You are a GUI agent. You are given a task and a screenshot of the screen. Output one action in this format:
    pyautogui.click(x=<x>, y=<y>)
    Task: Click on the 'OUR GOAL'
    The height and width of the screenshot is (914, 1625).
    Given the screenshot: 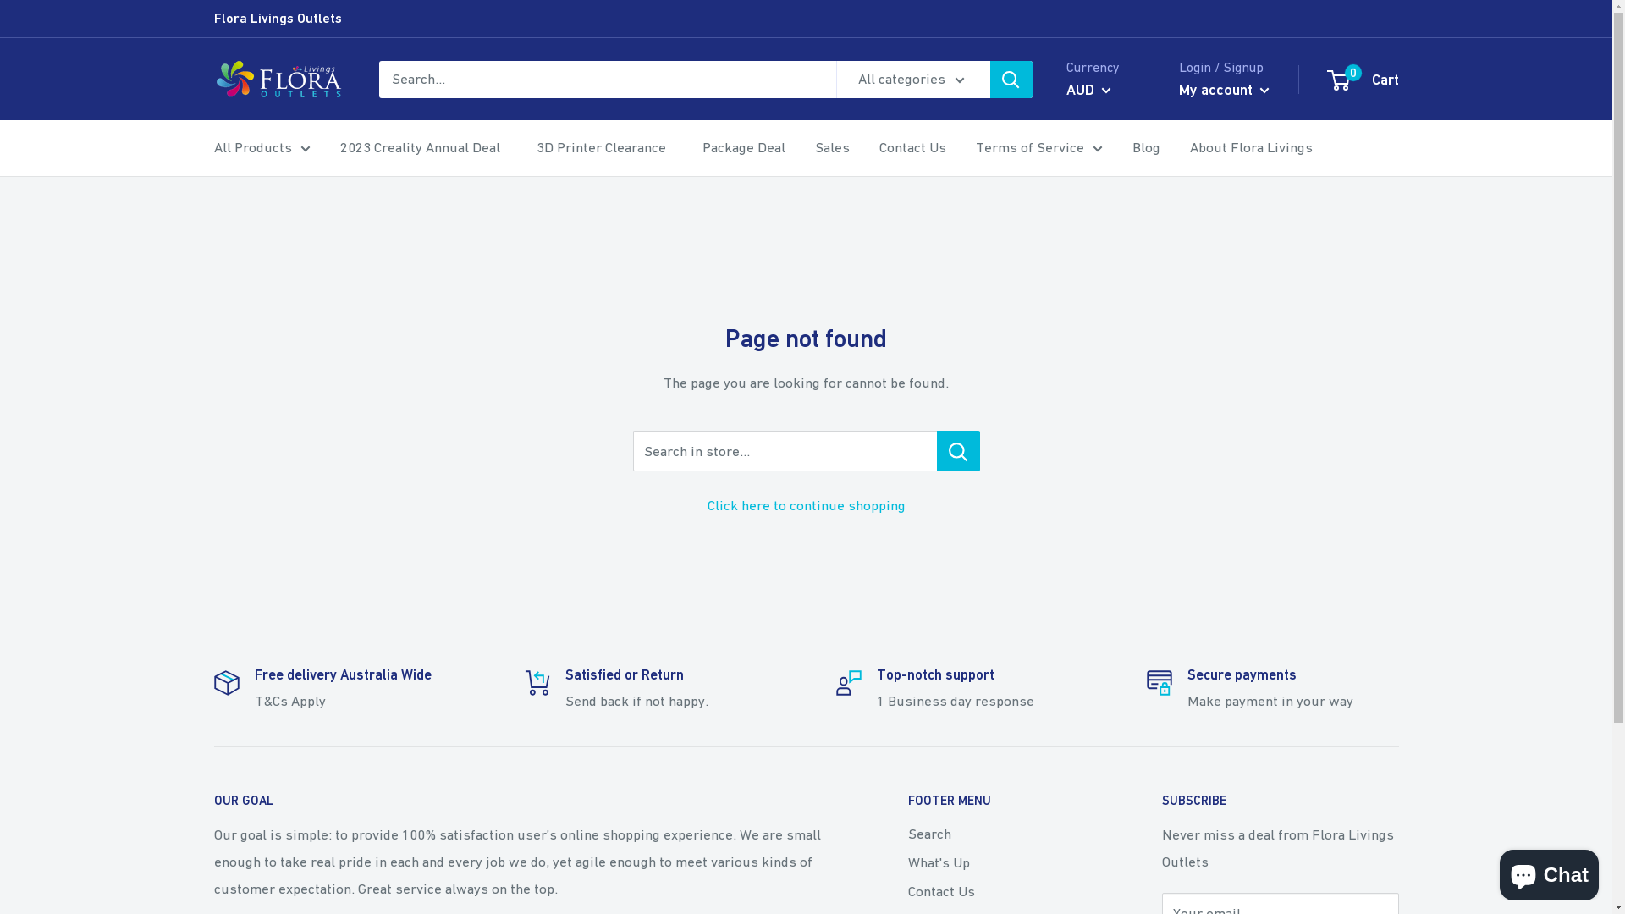 What is the action you would take?
    pyautogui.click(x=212, y=800)
    